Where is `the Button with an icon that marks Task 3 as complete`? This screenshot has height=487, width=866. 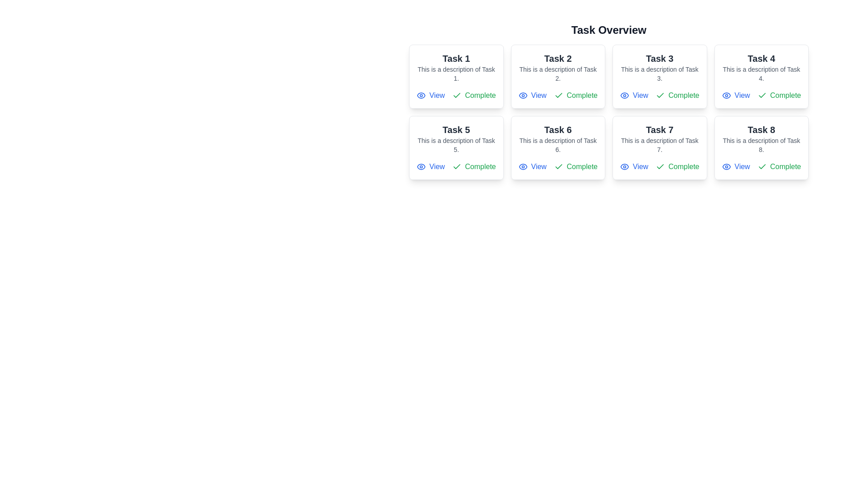
the Button with an icon that marks Task 3 as complete is located at coordinates (677, 96).